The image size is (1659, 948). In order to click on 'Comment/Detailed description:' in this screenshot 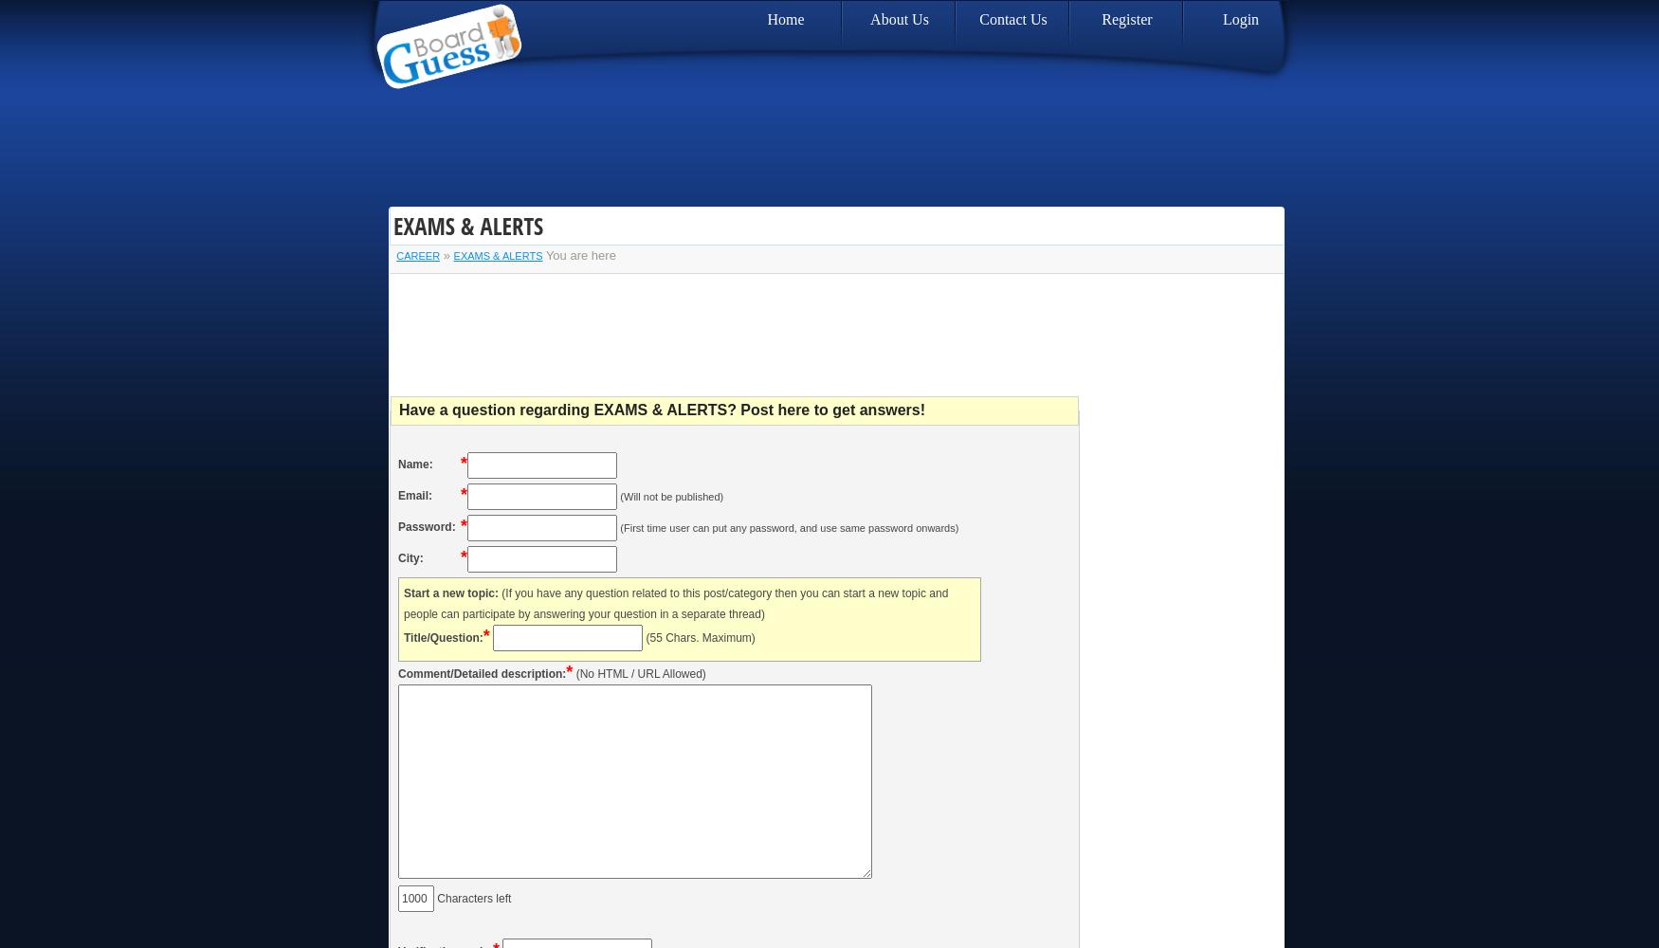, I will do `click(481, 673)`.